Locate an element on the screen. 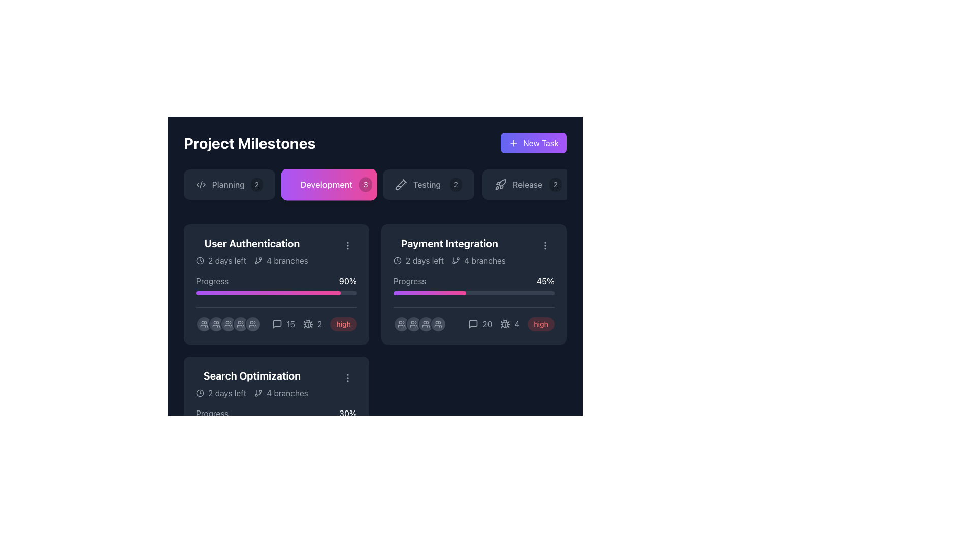 This screenshot has height=548, width=975. the first rounded avatar-like user group icon located below the progress bar in the 'User Authentication' section of the 'Development' milestone card is located at coordinates (204, 324).